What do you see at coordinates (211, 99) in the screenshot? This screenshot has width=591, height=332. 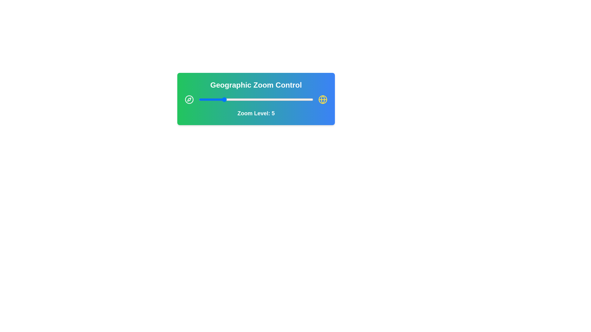 I see `the zoom level to 3 by interacting with the slider` at bounding box center [211, 99].